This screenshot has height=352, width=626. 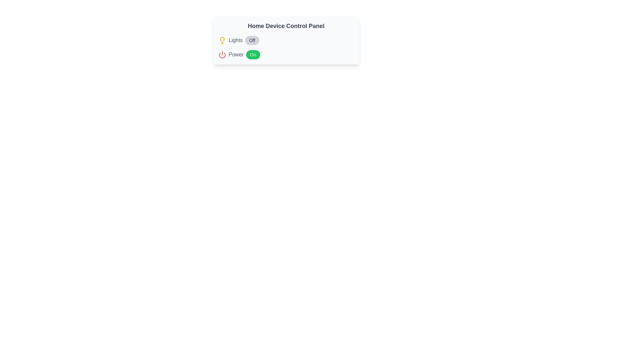 What do you see at coordinates (286, 54) in the screenshot?
I see `the green 'On' button in the State indicator and control row labeled 'Power'` at bounding box center [286, 54].